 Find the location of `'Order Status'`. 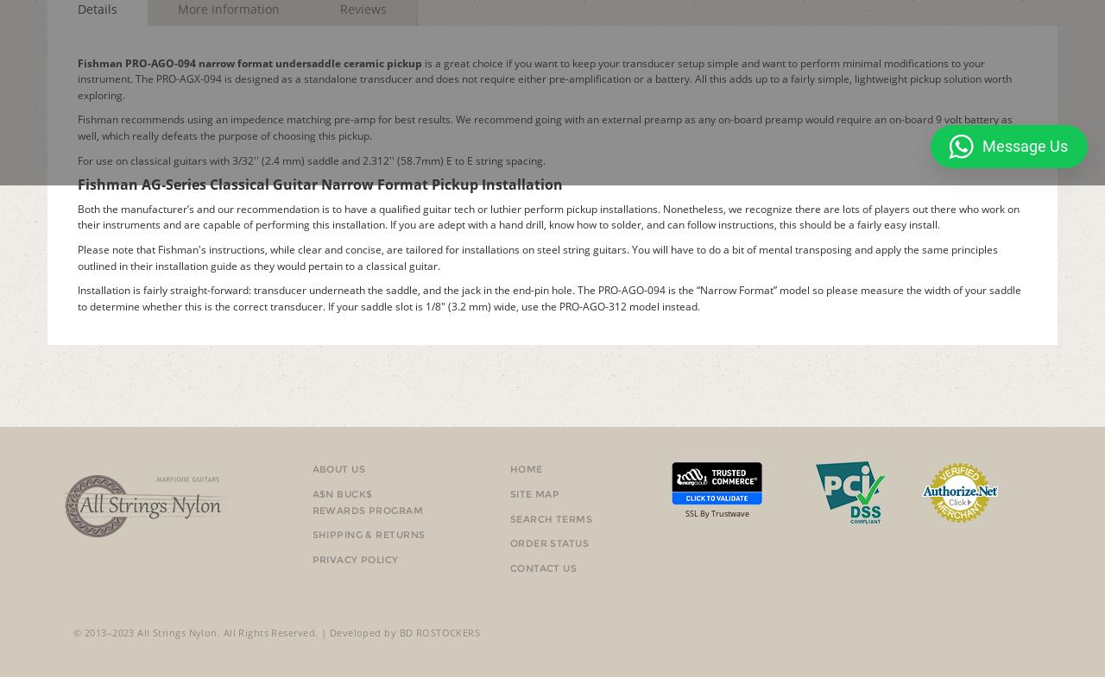

'Order Status' is located at coordinates (548, 542).